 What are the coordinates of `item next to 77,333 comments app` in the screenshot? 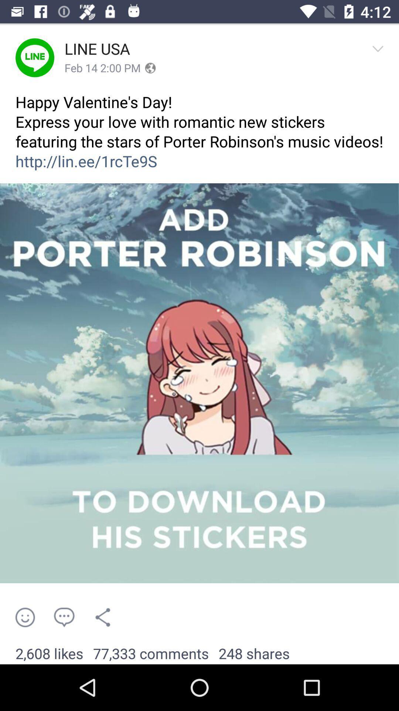 It's located at (49, 654).